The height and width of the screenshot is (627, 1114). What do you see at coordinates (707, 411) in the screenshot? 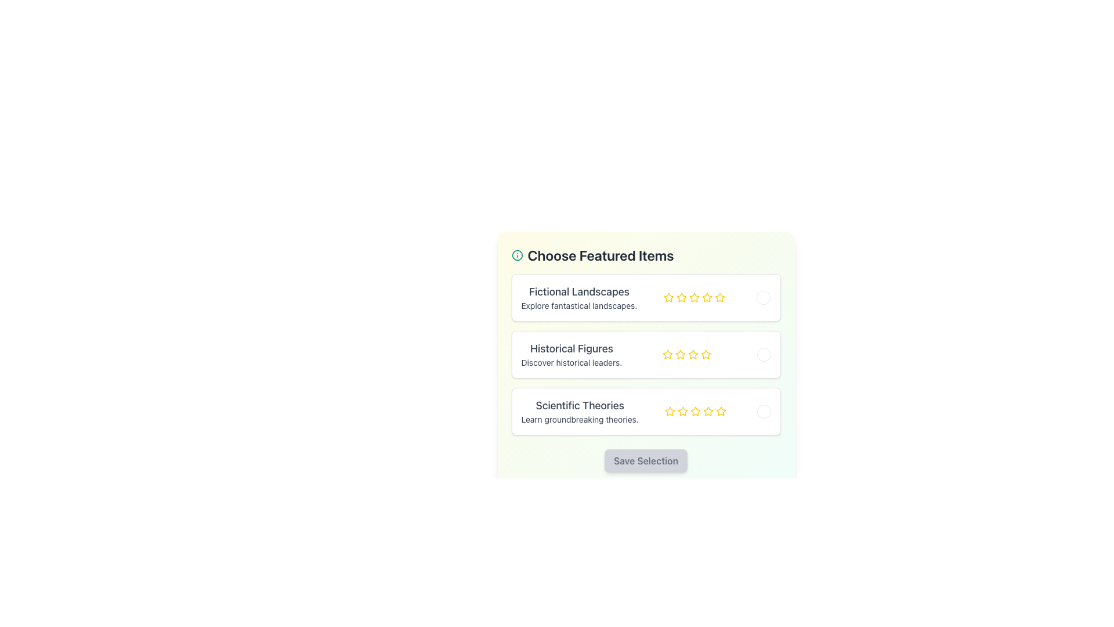
I see `the fifth star in the star-rating system for the 'Scientific Theories' entry in the 'Choose Featured Items' section to rate it` at bounding box center [707, 411].